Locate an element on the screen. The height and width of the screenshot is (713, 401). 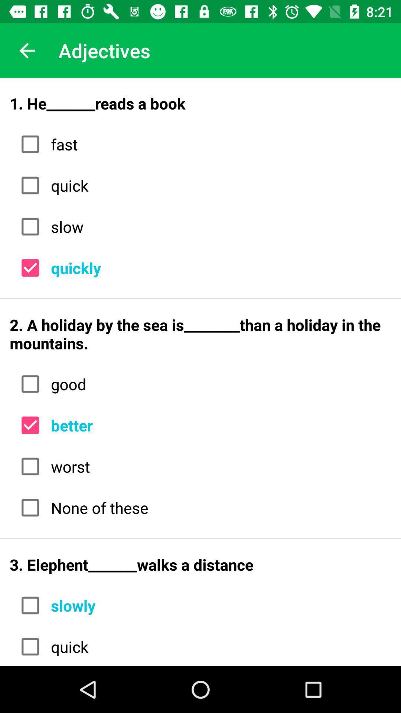
the icon below slow is located at coordinates (218, 267).